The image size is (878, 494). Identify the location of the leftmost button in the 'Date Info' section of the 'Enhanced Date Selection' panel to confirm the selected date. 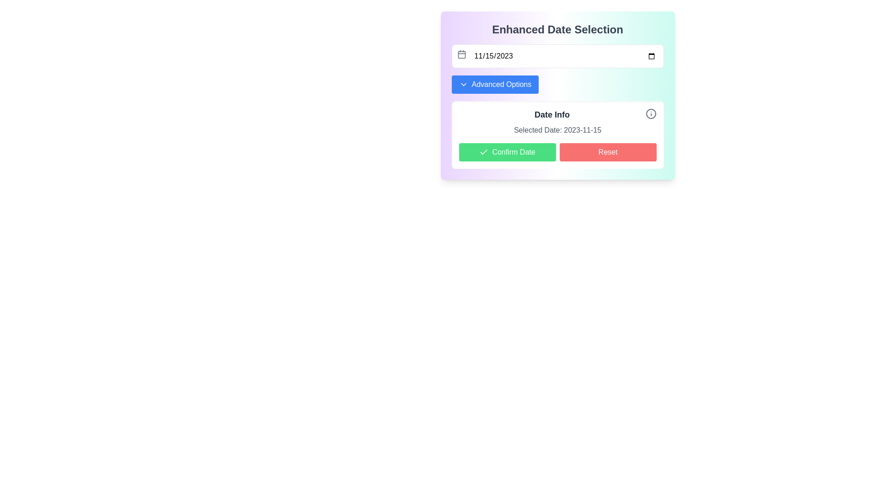
(507, 151).